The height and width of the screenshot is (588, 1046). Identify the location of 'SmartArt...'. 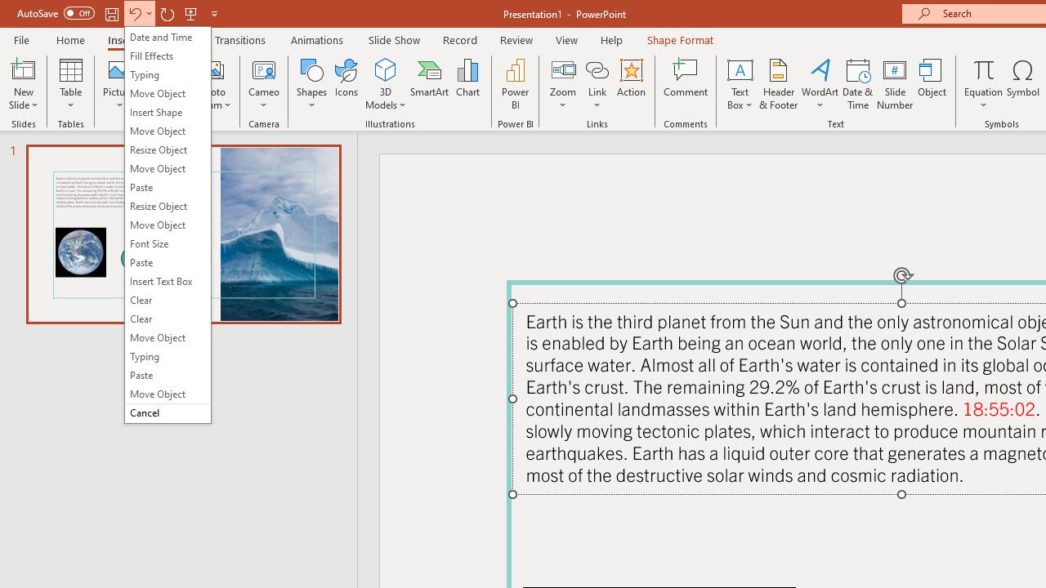
(430, 84).